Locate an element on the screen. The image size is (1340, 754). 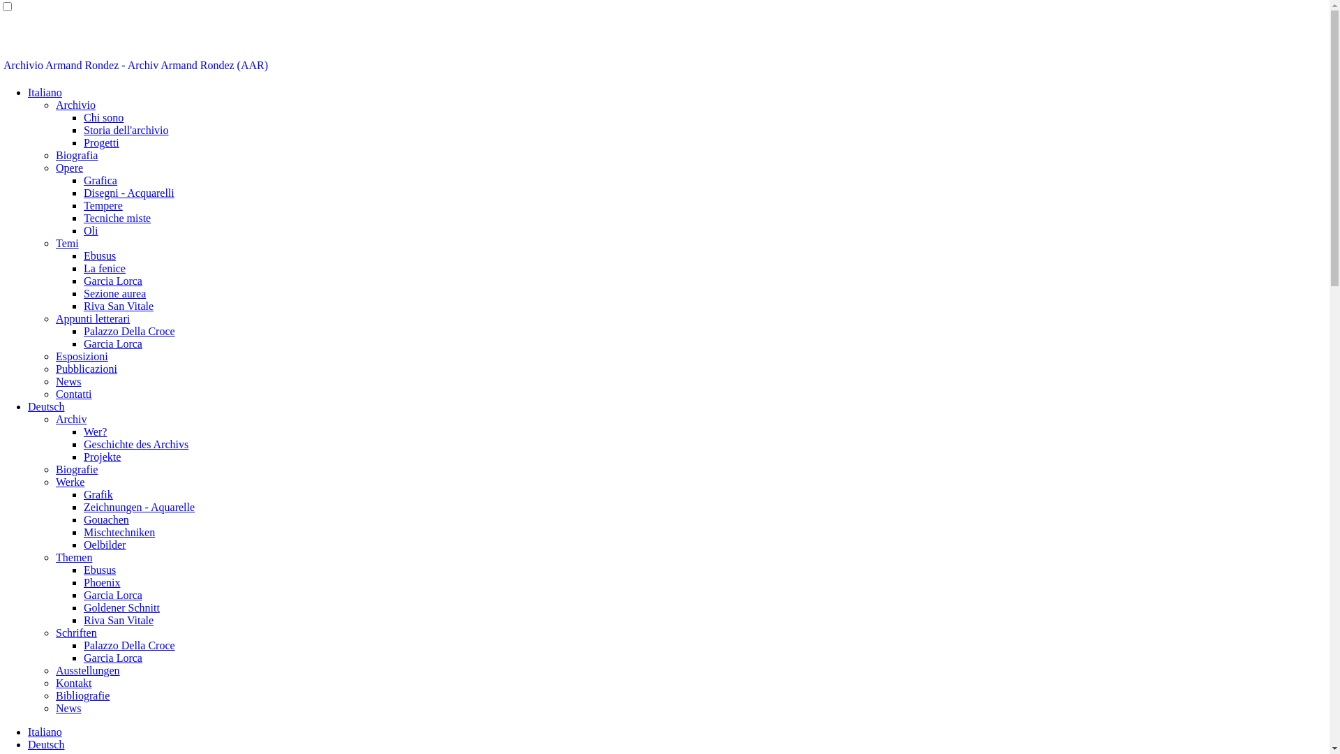
'Deutsch' is located at coordinates (46, 406).